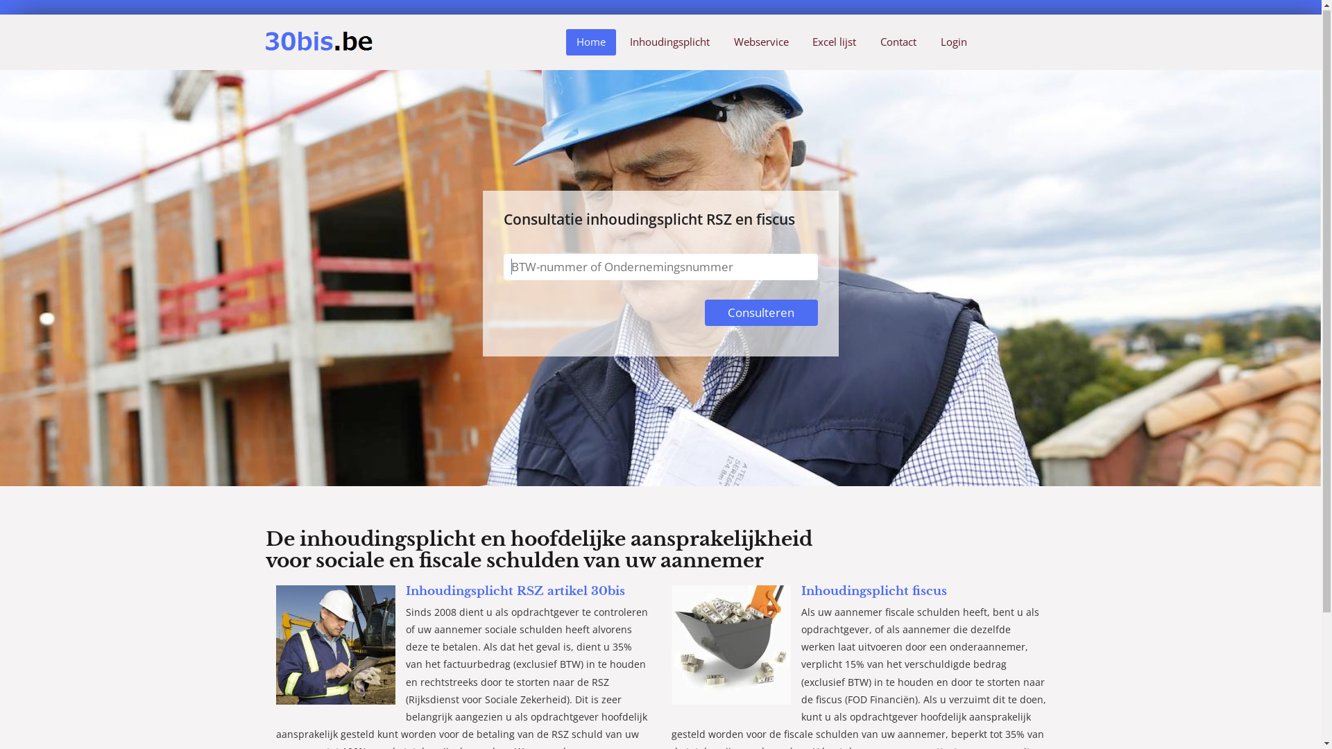 This screenshot has width=1332, height=749. I want to click on 'Inhoudingsplicht fiscus', so click(872, 592).